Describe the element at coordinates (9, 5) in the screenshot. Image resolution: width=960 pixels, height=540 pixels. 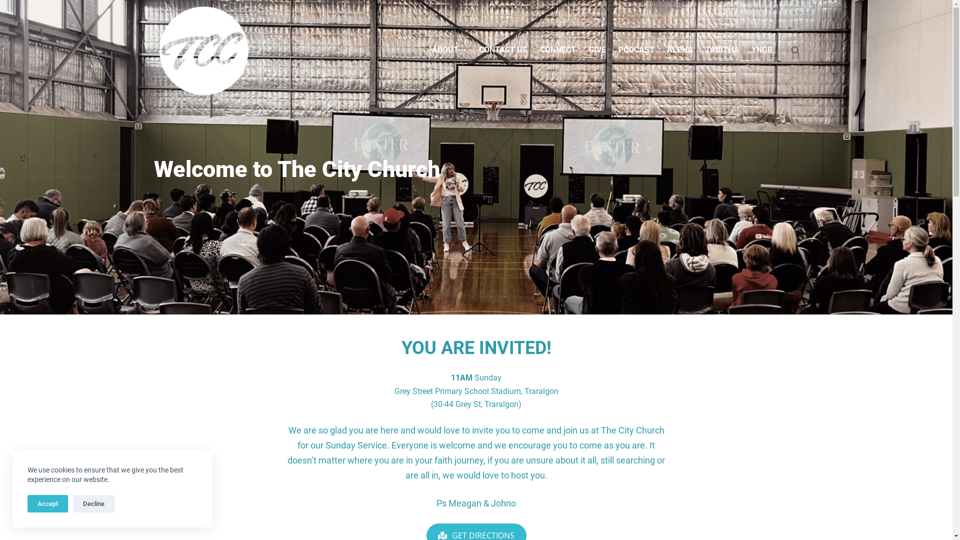
I see `'Skip to content'` at that location.